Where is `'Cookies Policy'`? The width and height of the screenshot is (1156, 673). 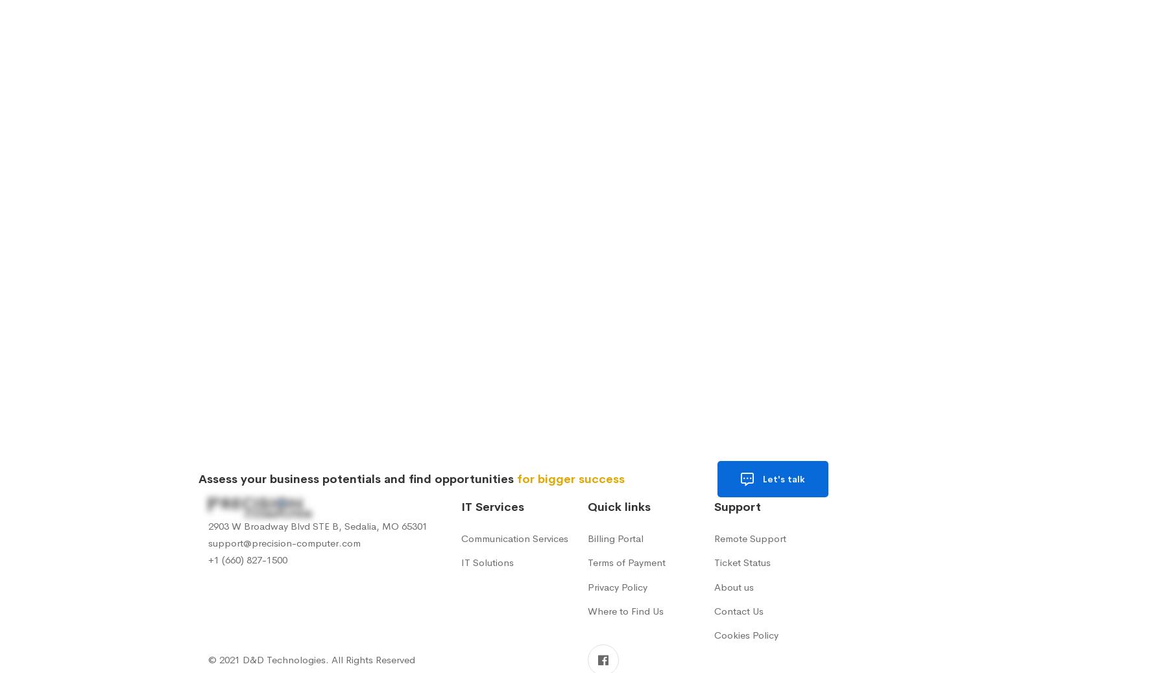
'Cookies Policy' is located at coordinates (746, 634).